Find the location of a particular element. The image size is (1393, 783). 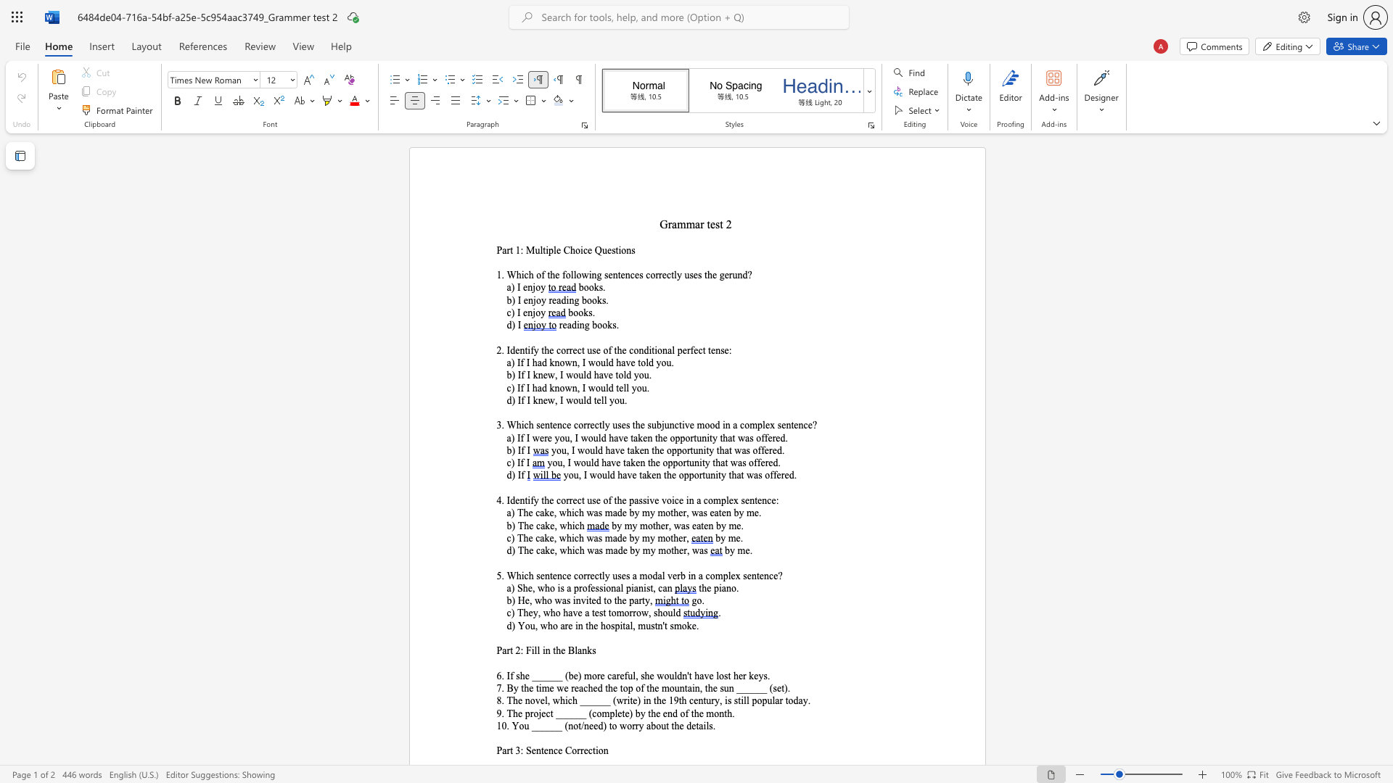

the subset text "cake, whi" within the text "b) The cake, which" is located at coordinates (535, 526).